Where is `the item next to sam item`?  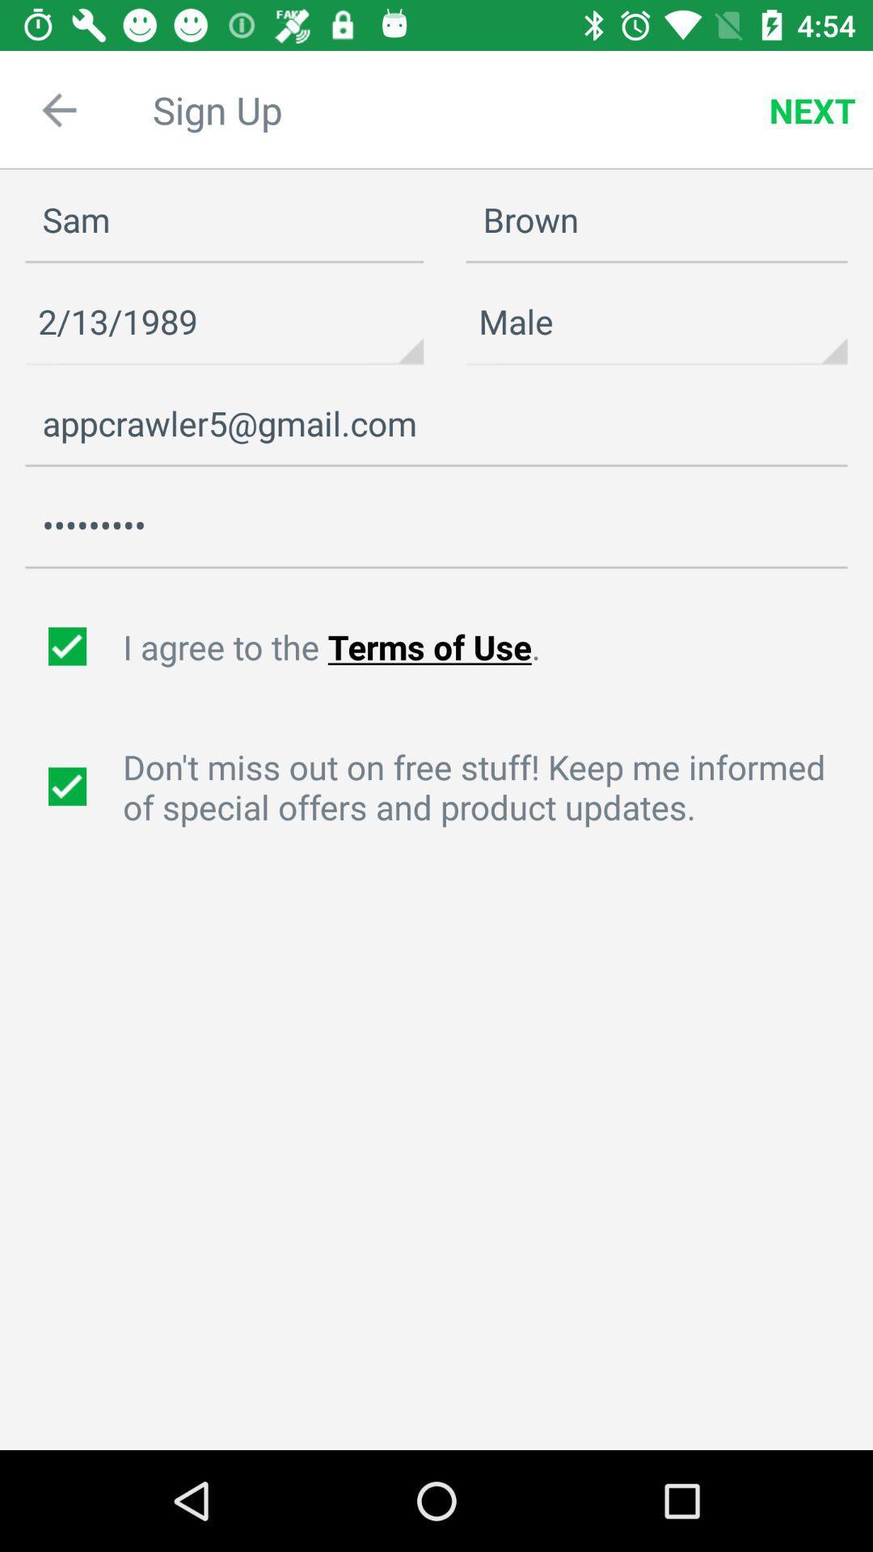 the item next to sam item is located at coordinates (656, 220).